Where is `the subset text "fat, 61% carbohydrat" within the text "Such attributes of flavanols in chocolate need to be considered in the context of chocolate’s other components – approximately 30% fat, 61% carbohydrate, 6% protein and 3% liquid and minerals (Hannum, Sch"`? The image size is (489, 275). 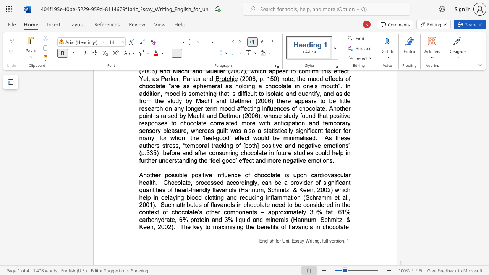 the subset text "fat, 61% carbohydrat" within the text "Such attributes of flavanols in chocolate need to be considered in the context of chocolate’s other components – approximately 30% fat, 61% carbohydrate, 6% protein and 3% liquid and minerals (Hannum, Sch" is located at coordinates (326, 212).